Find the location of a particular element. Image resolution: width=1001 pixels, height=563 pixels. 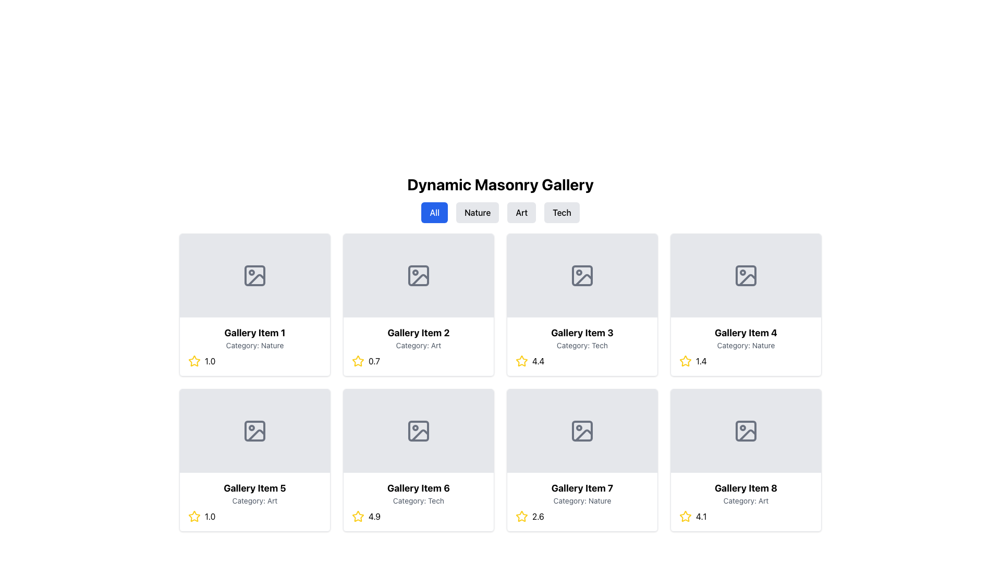

the image placeholder in the gallery card labeled 'Gallery Item 5' if it is linked is located at coordinates (255, 431).